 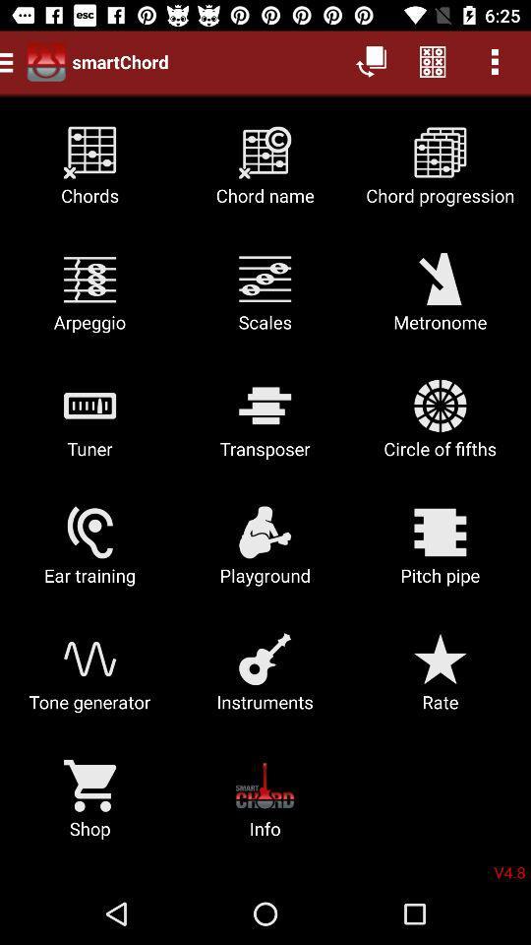 I want to click on icon below the ear training, so click(x=265, y=679).